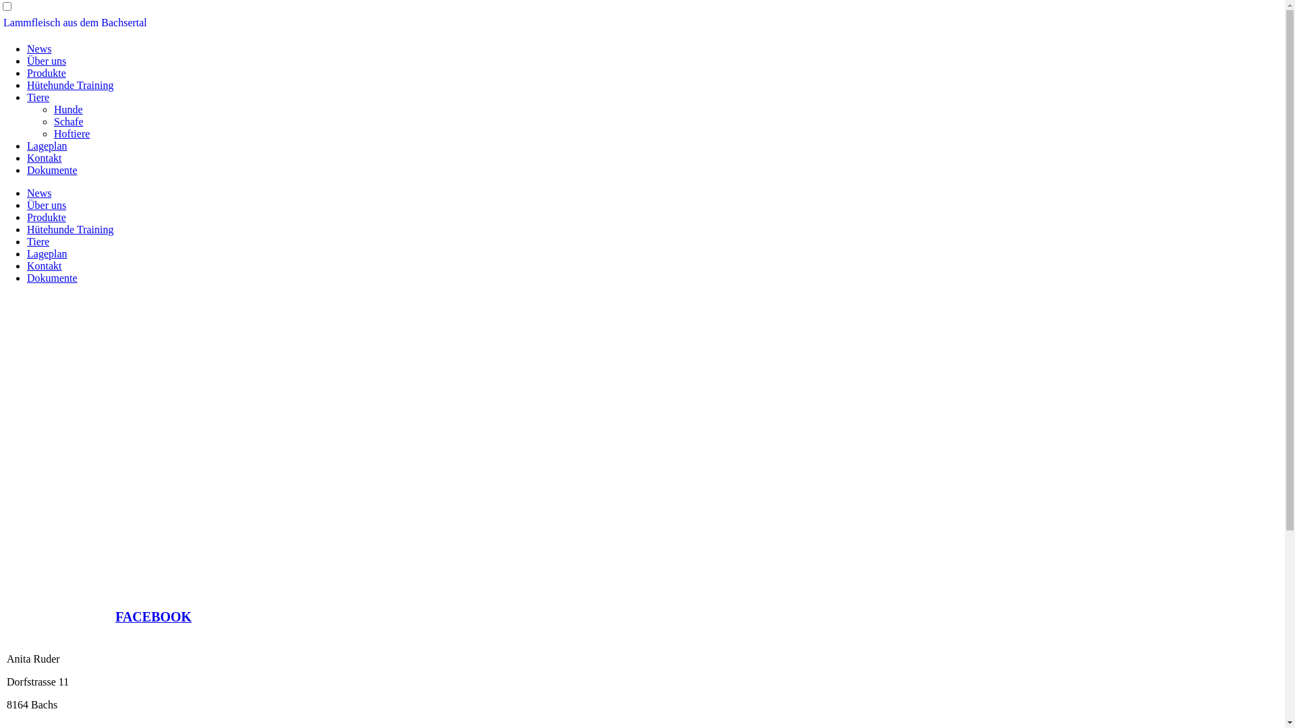  Describe the element at coordinates (74, 22) in the screenshot. I see `'Lammfleisch aus dem Bachsertal'` at that location.